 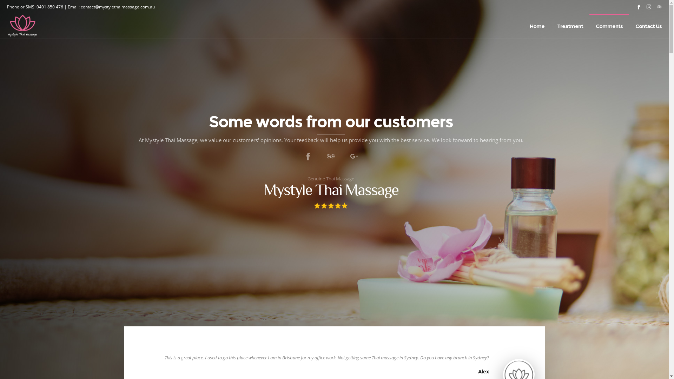 What do you see at coordinates (609, 26) in the screenshot?
I see `'Comments'` at bounding box center [609, 26].